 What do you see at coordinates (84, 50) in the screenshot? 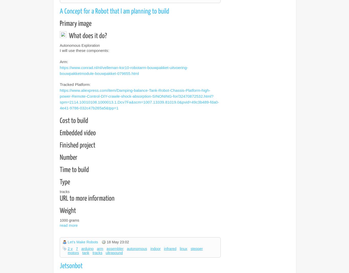
I see `'I will use these components:'` at bounding box center [84, 50].